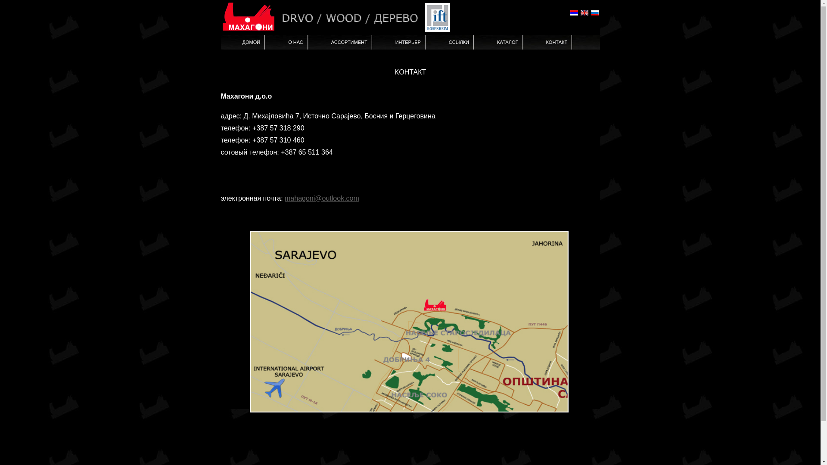  Describe the element at coordinates (579, 13) in the screenshot. I see `'English '` at that location.